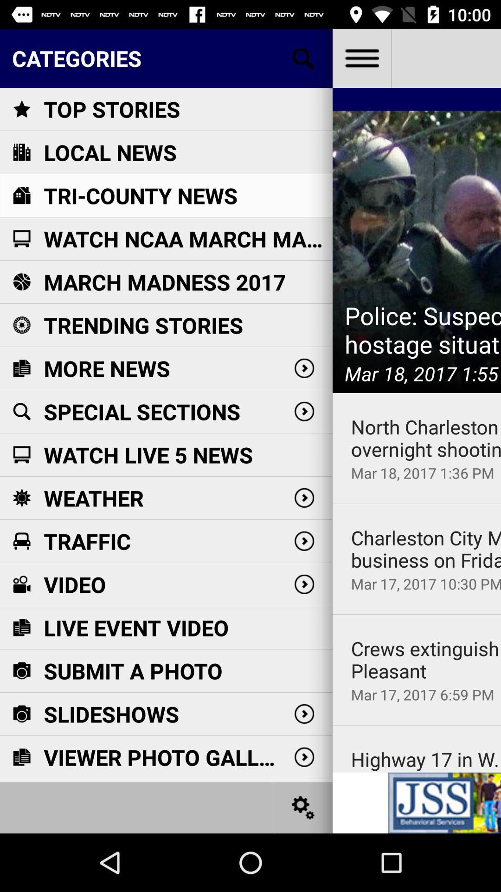 This screenshot has height=892, width=501. I want to click on icon below live event video item, so click(133, 671).